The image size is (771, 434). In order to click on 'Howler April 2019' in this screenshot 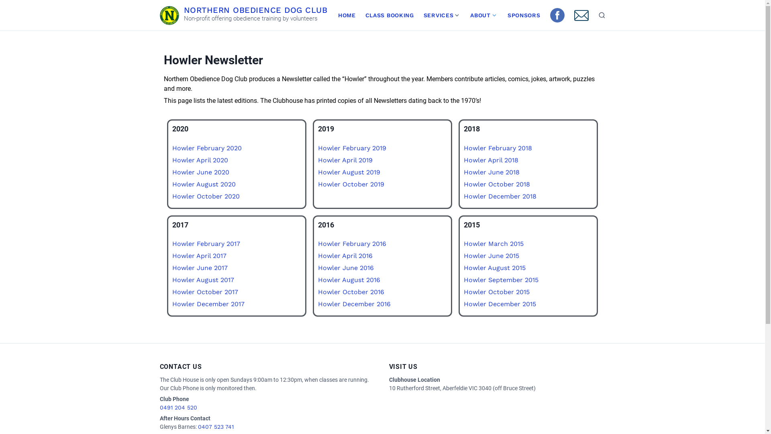, I will do `click(345, 160)`.